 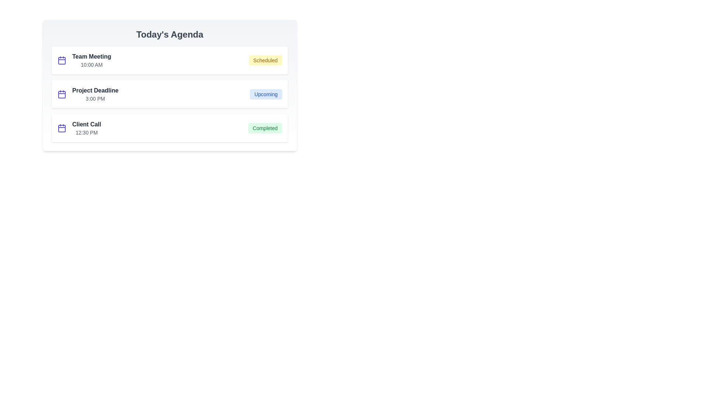 What do you see at coordinates (95, 90) in the screenshot?
I see `the event title Project Deadline to edit it` at bounding box center [95, 90].